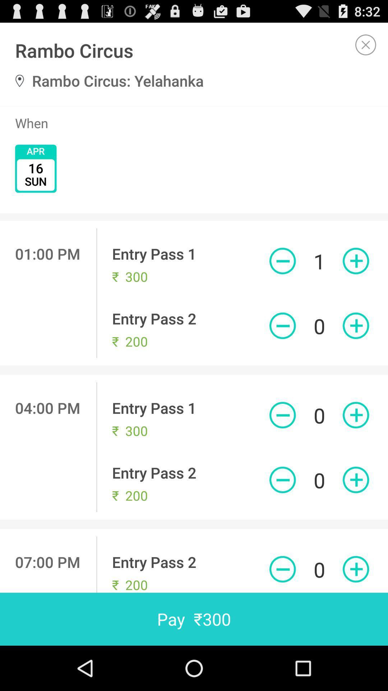 The image size is (388, 691). What do you see at coordinates (282, 480) in the screenshot?
I see `decrease` at bounding box center [282, 480].